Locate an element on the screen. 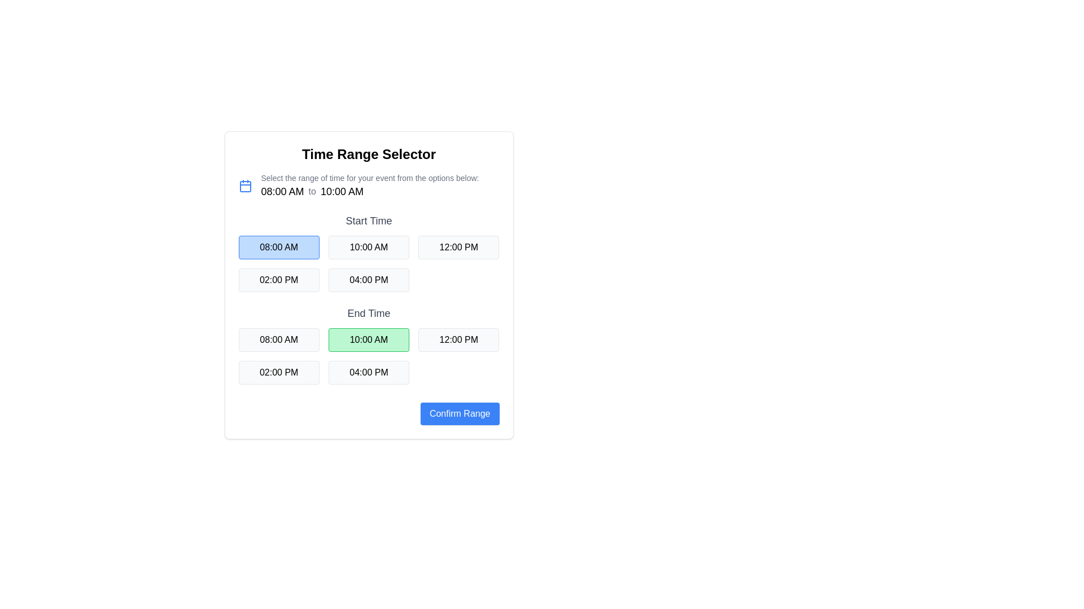  the '10:00 AM' time selection button located in the 'End Time' section of the selection grid is located at coordinates (369, 345).